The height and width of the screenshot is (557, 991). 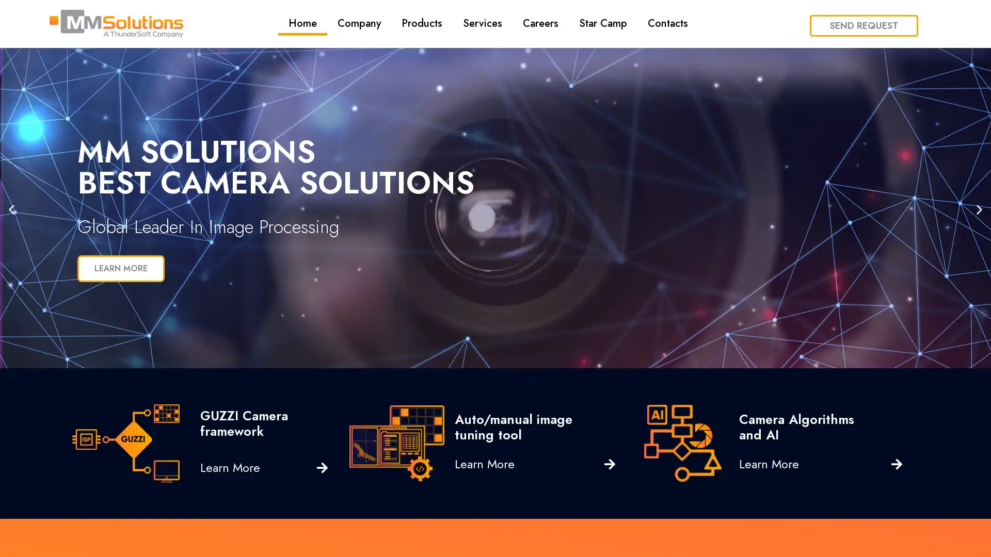 What do you see at coordinates (979, 209) in the screenshot?
I see `Next slide` at bounding box center [979, 209].